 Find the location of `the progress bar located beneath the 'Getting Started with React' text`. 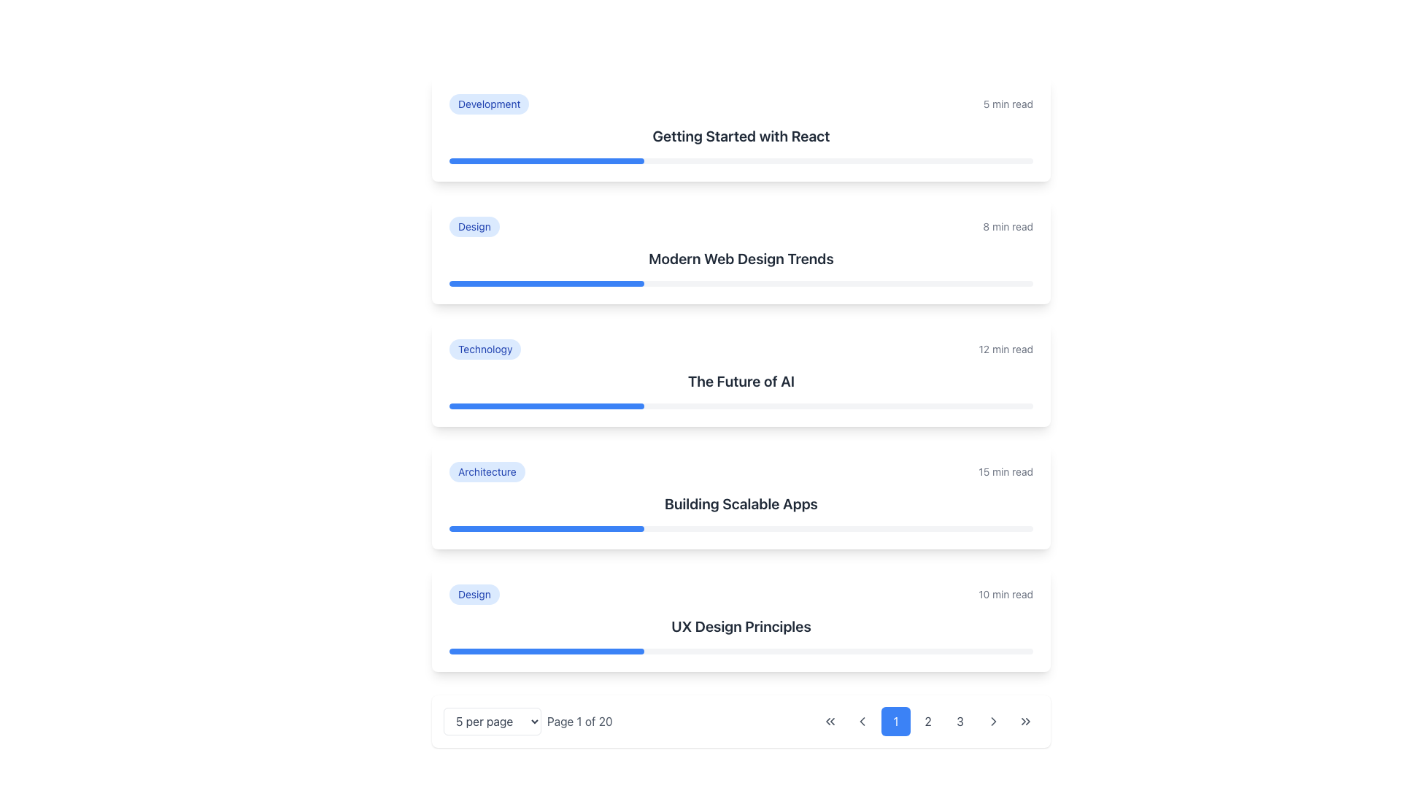

the progress bar located beneath the 'Getting Started with React' text is located at coordinates (546, 161).